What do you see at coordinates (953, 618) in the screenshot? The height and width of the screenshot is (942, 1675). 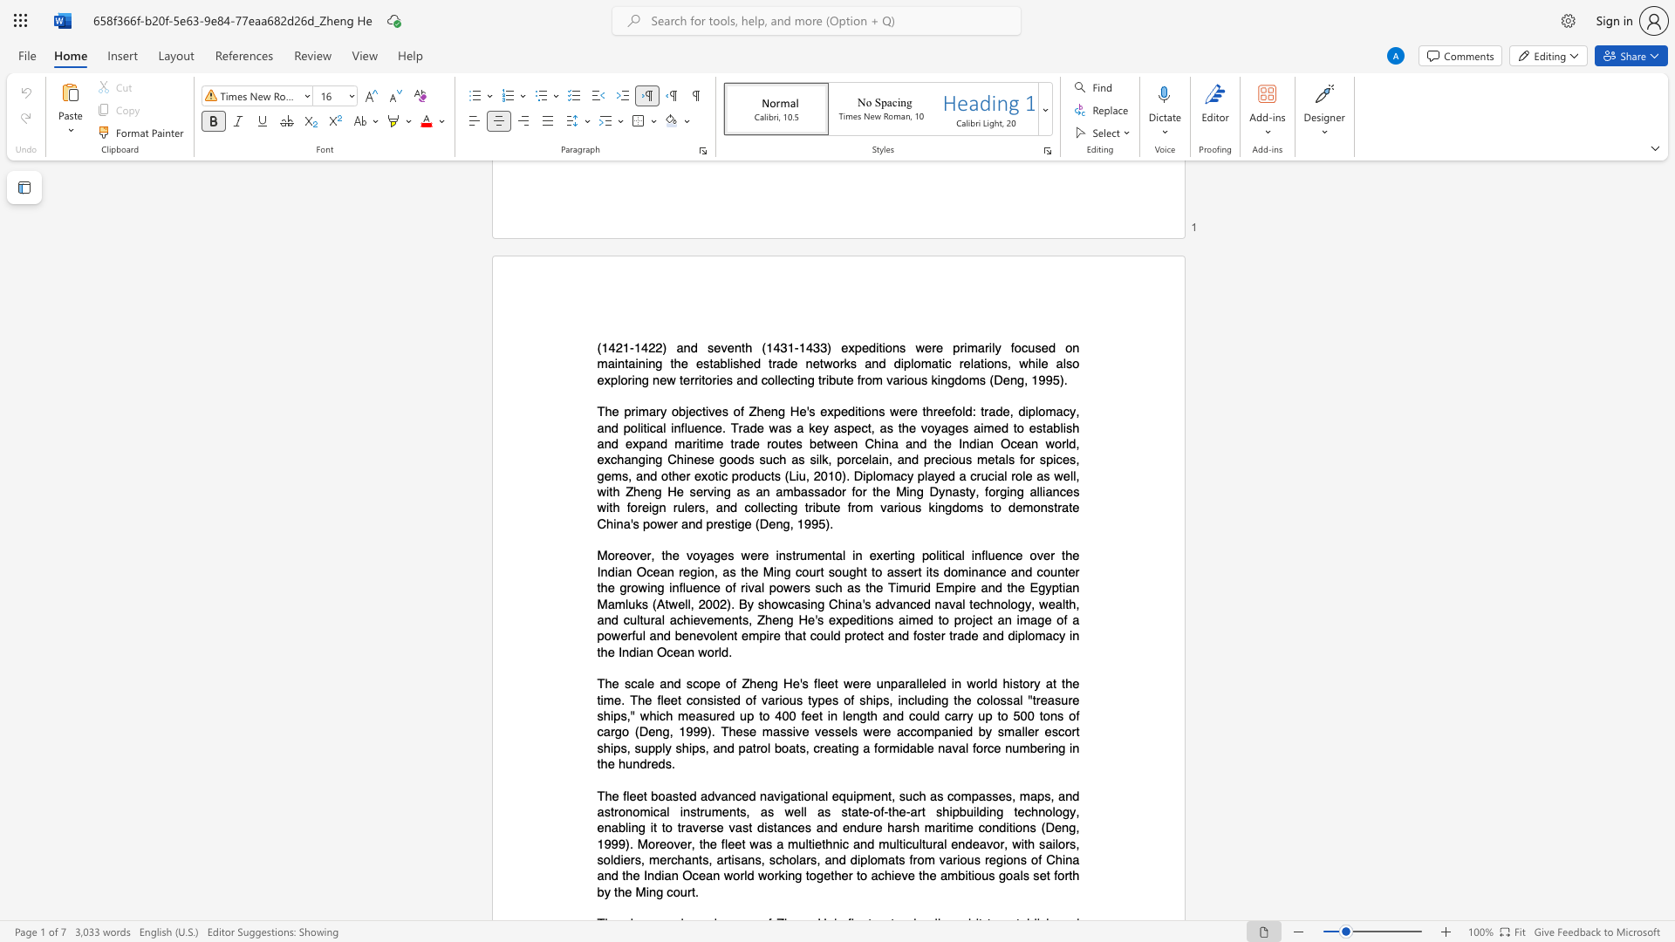 I see `the subset text "project an image of a powerful and benevolent empire that could protect and foster trade and diplomacy in the Indian O" within the text "China"` at bounding box center [953, 618].